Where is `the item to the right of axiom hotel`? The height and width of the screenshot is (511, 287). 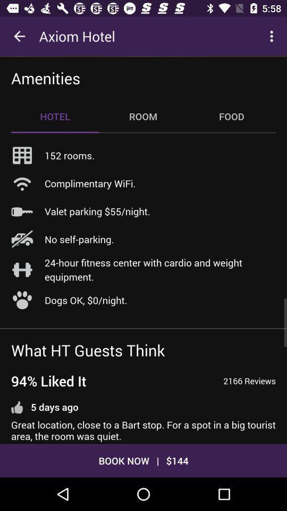
the item to the right of axiom hotel is located at coordinates (273, 36).